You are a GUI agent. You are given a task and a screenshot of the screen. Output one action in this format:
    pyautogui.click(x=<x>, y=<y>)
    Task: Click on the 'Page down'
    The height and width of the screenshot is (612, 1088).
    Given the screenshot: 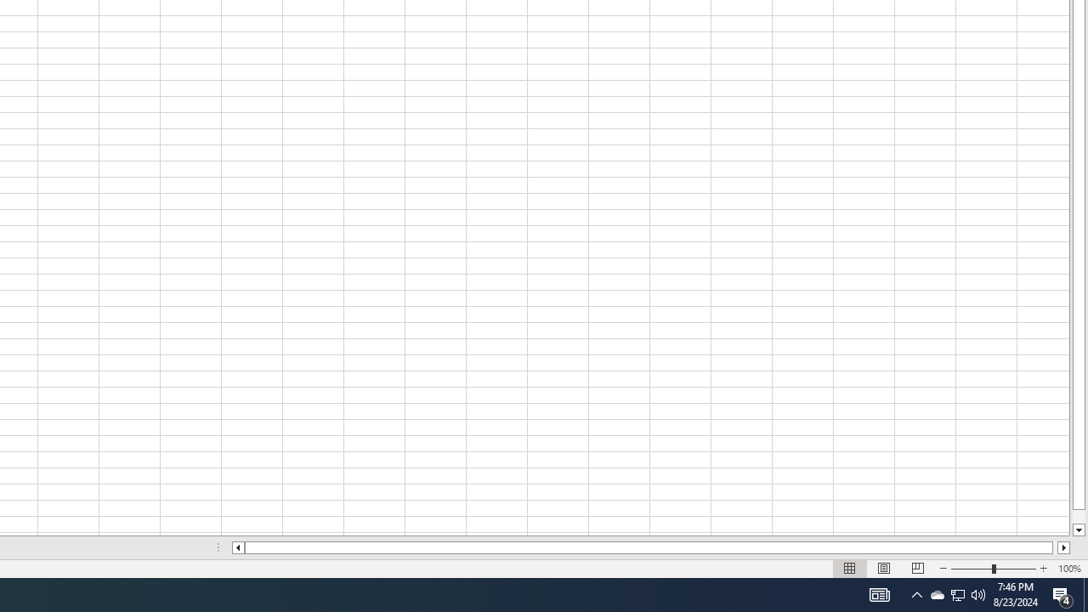 What is the action you would take?
    pyautogui.click(x=1078, y=516)
    